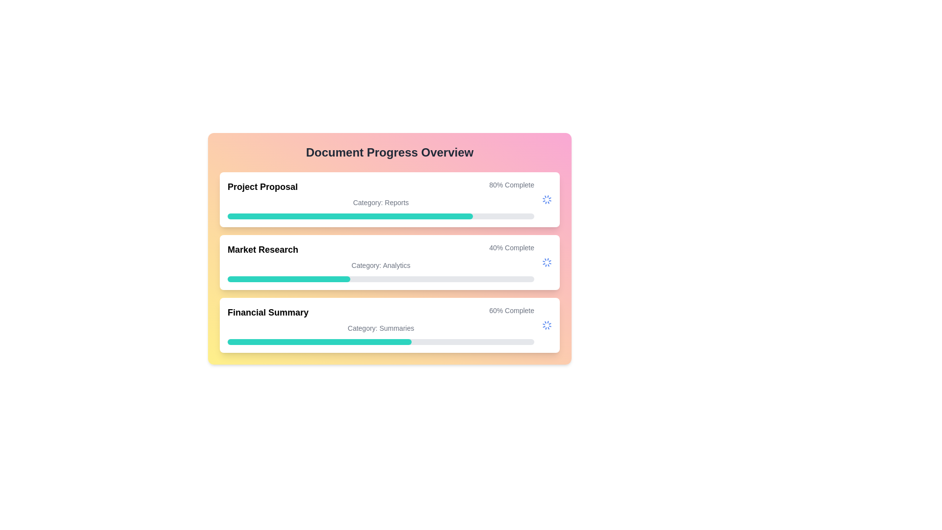  I want to click on the circular spinning blue icon located in the bottom-right corner of the 'Financial Summary' card, adjacent to the 60% progress bar, so click(546, 325).